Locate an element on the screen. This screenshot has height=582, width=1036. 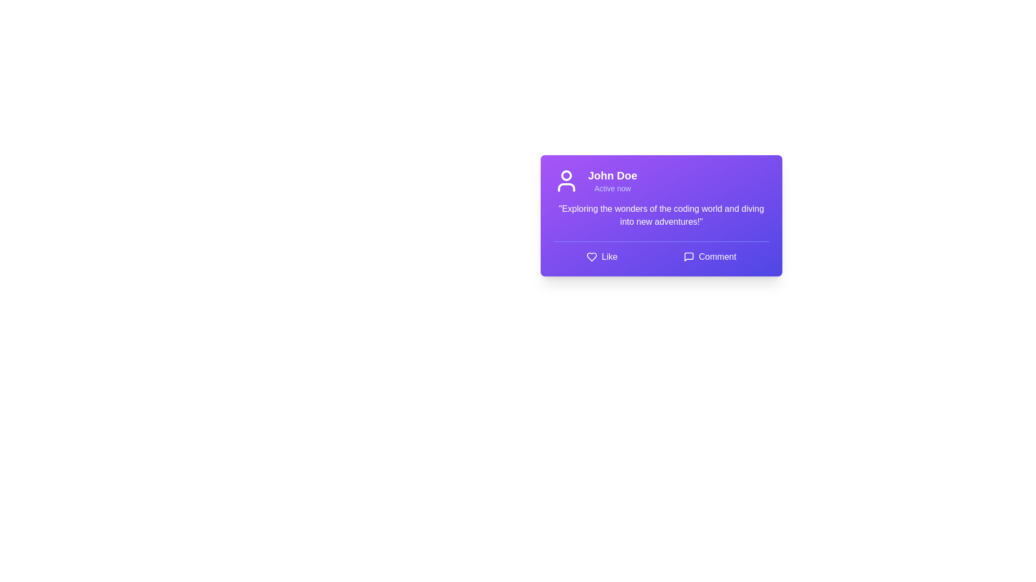
the text label displaying 'John Doe' in bold font, located in the upper section of a purple card, to the right of an avatar icon and above the 'Active now' text is located at coordinates (612, 175).